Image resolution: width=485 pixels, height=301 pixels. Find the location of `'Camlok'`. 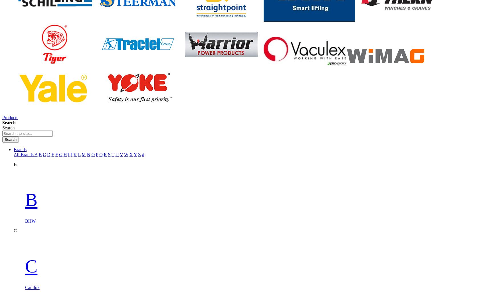

'Camlok' is located at coordinates (32, 287).